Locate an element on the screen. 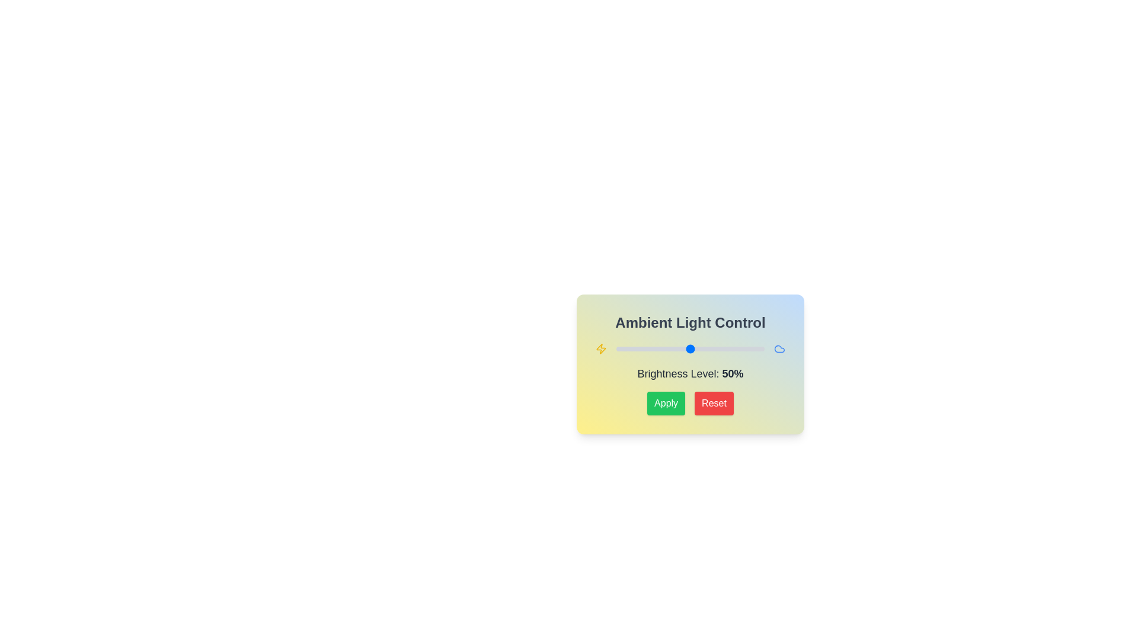  'Apply' button to confirm the brightness level is located at coordinates (666, 403).